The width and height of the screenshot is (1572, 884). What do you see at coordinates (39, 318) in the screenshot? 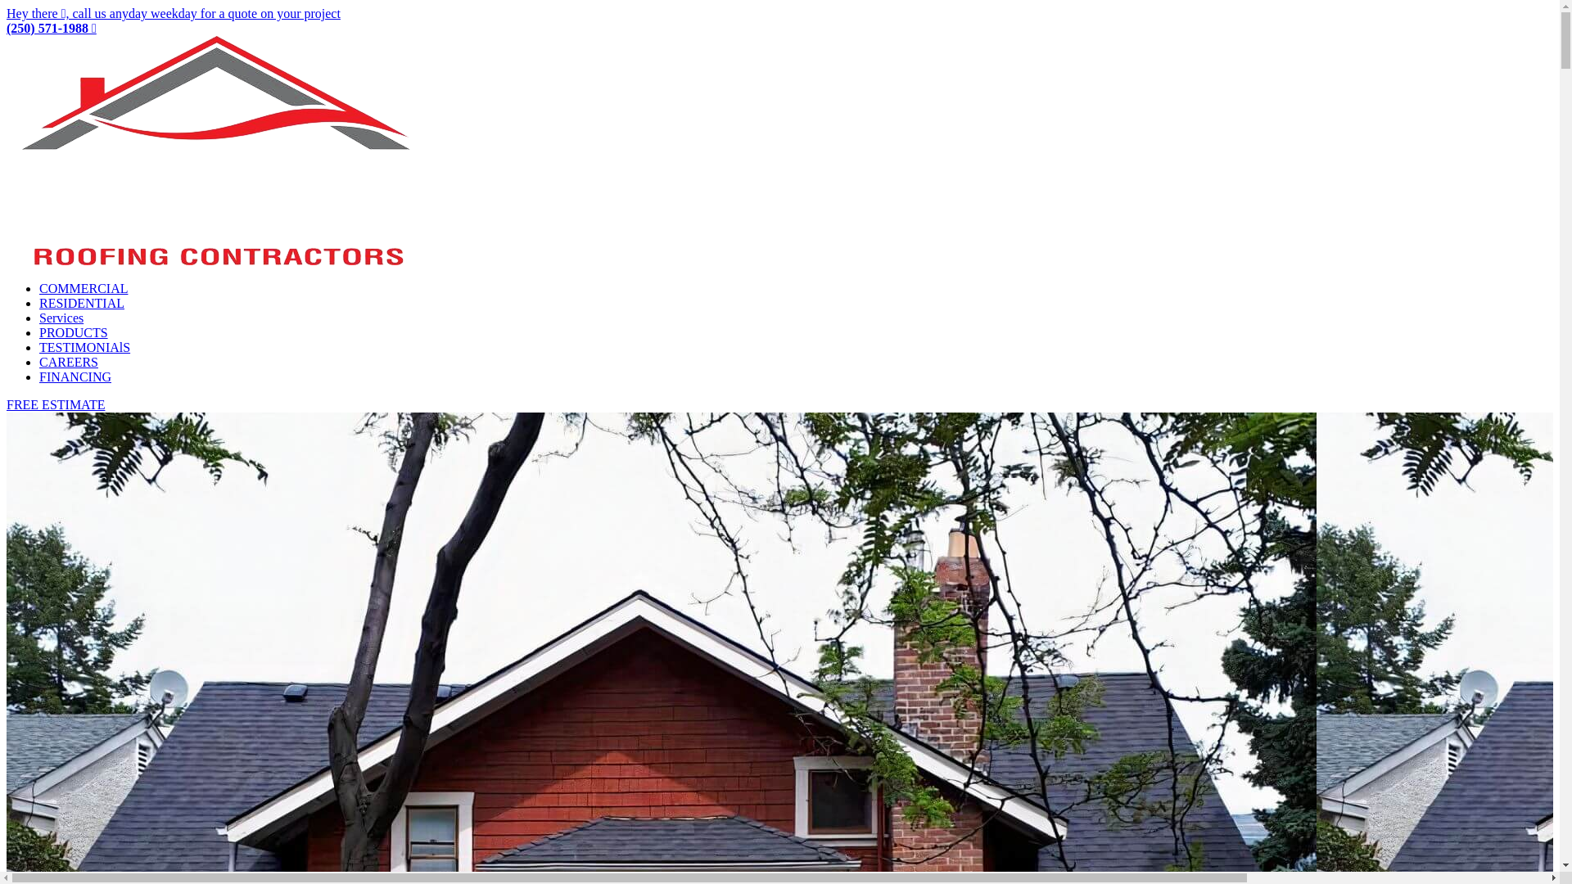
I see `'Services'` at bounding box center [39, 318].